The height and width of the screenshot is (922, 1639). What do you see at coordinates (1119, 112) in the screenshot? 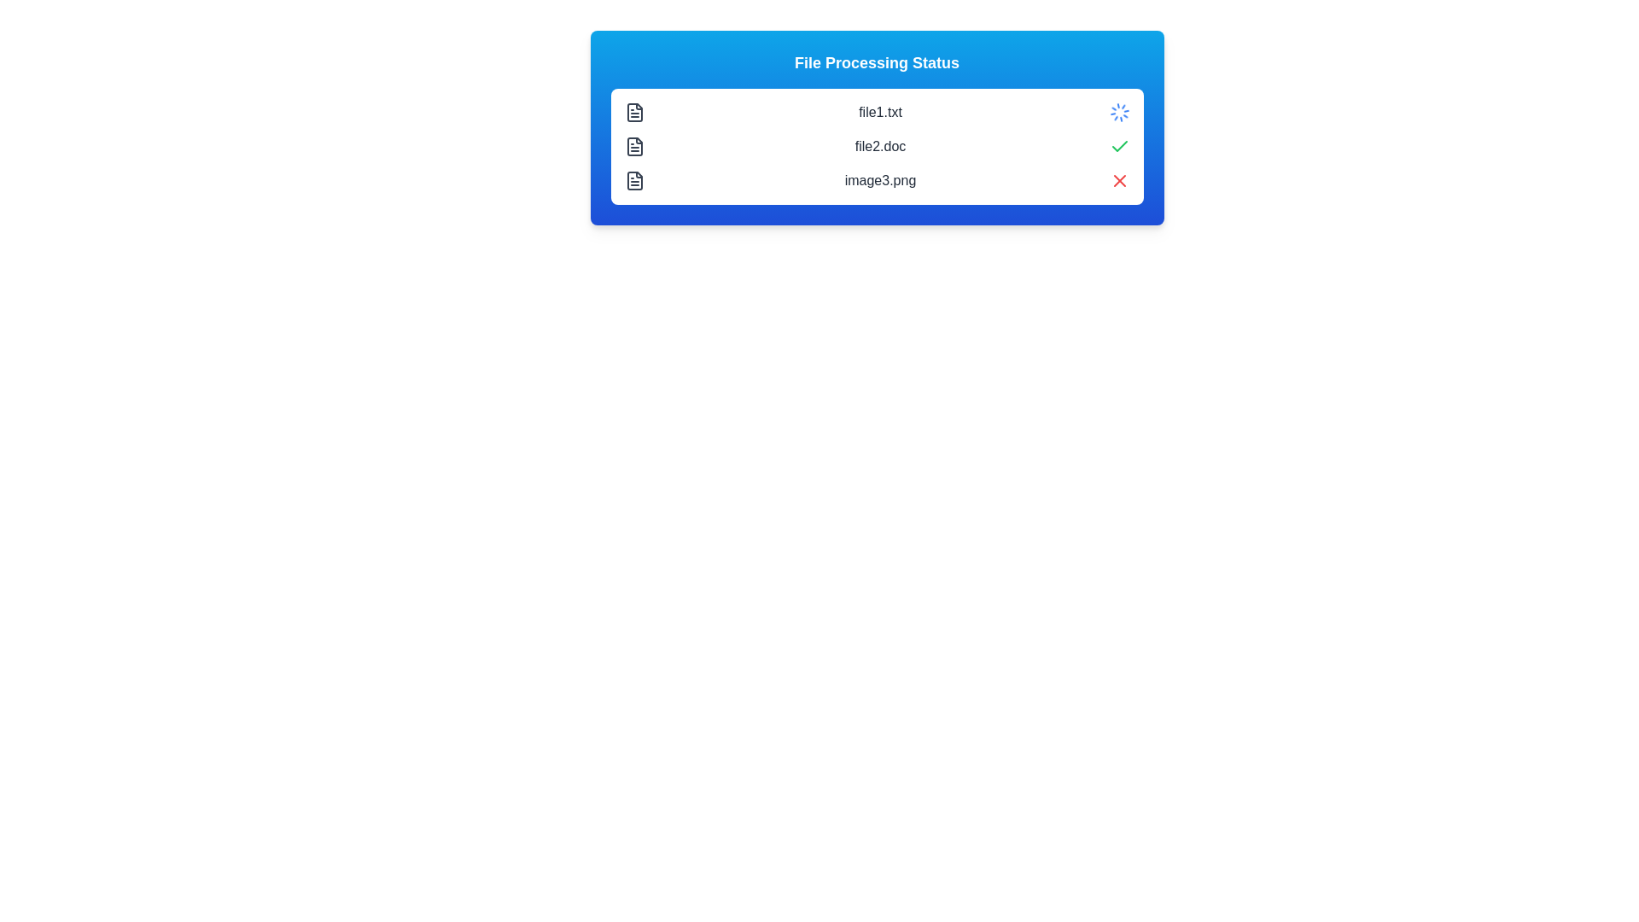
I see `the loading spinner icon, which is a small circular blue icon with a spinning animation located to the far right of the text 'file1.txt' in the file processing status interface` at bounding box center [1119, 112].